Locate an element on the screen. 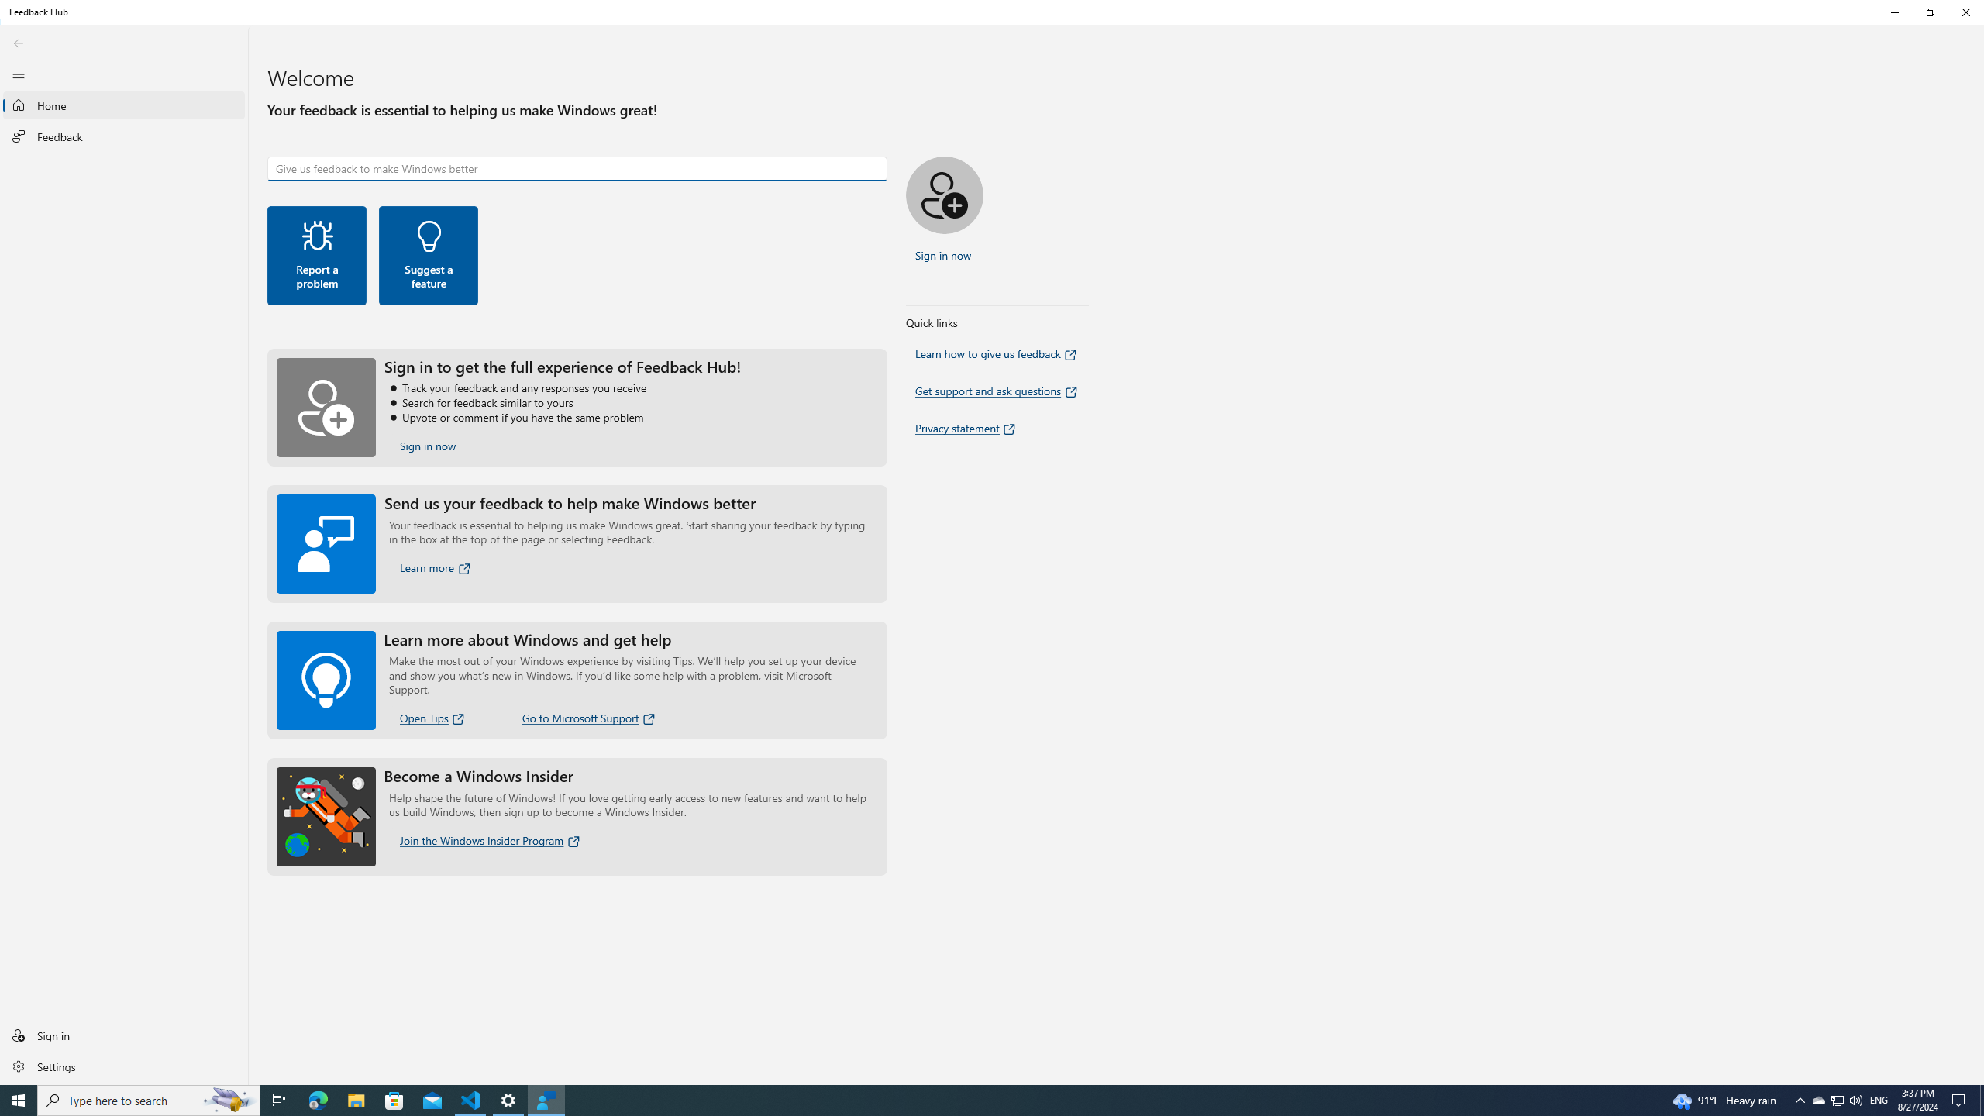 This screenshot has height=1116, width=1984. 'Restore Feedback Hub' is located at coordinates (1930, 12).